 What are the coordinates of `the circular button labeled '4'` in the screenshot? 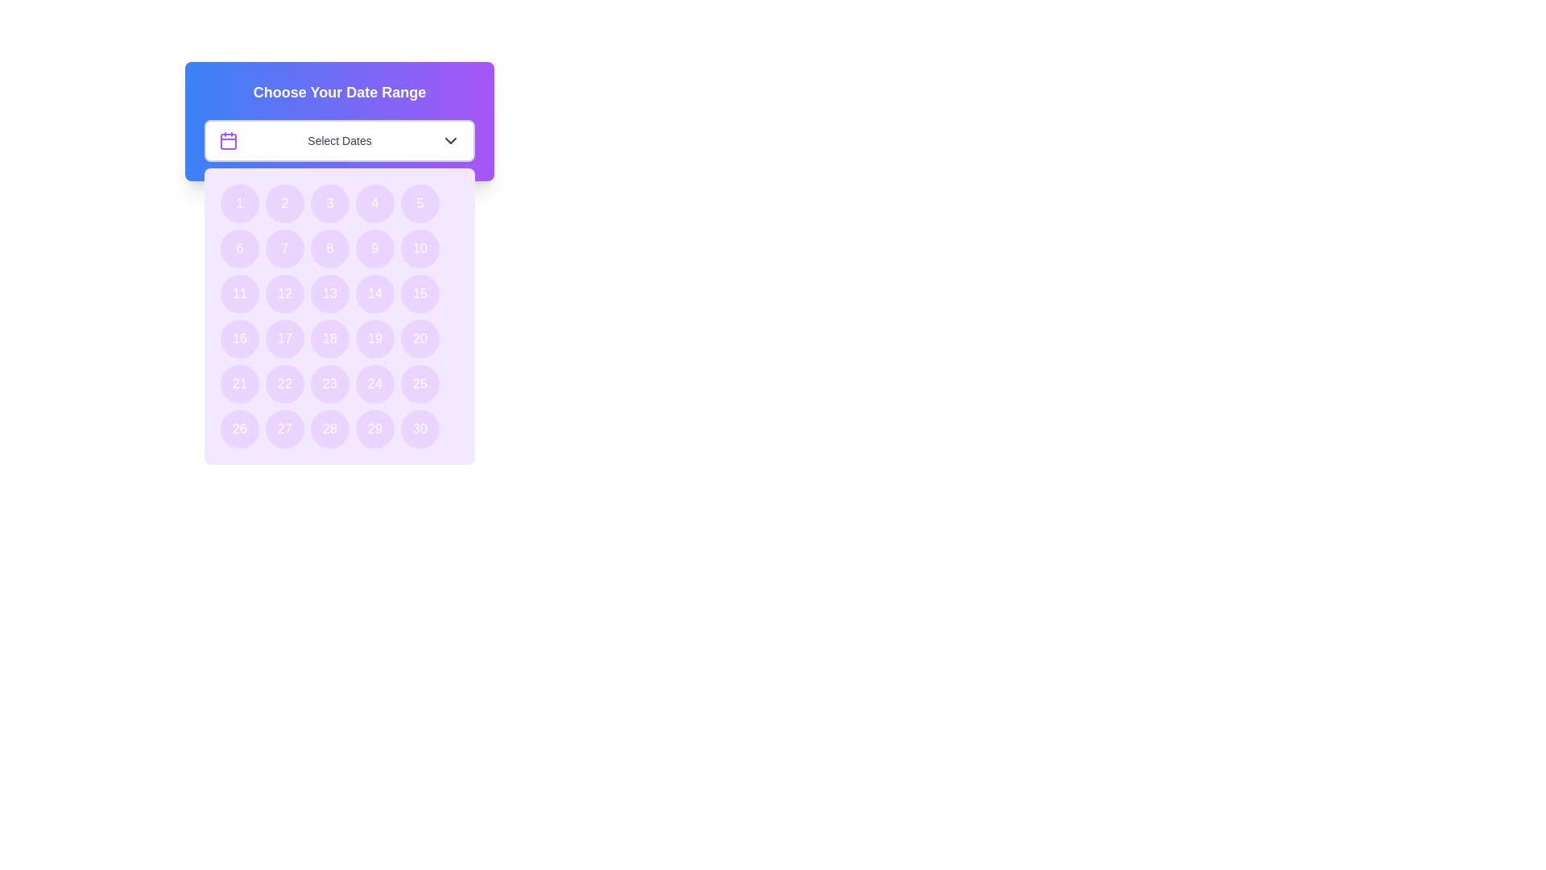 It's located at (374, 203).